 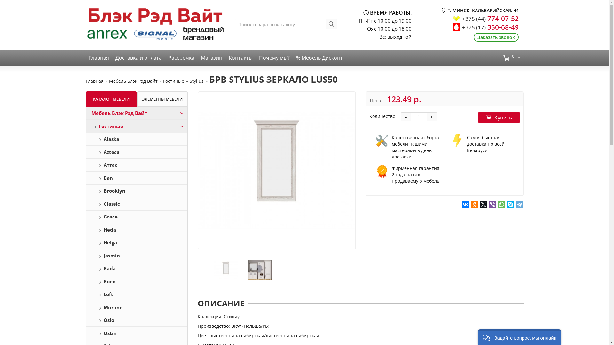 I want to click on '+375 (17) 350-68-49', so click(x=490, y=27).